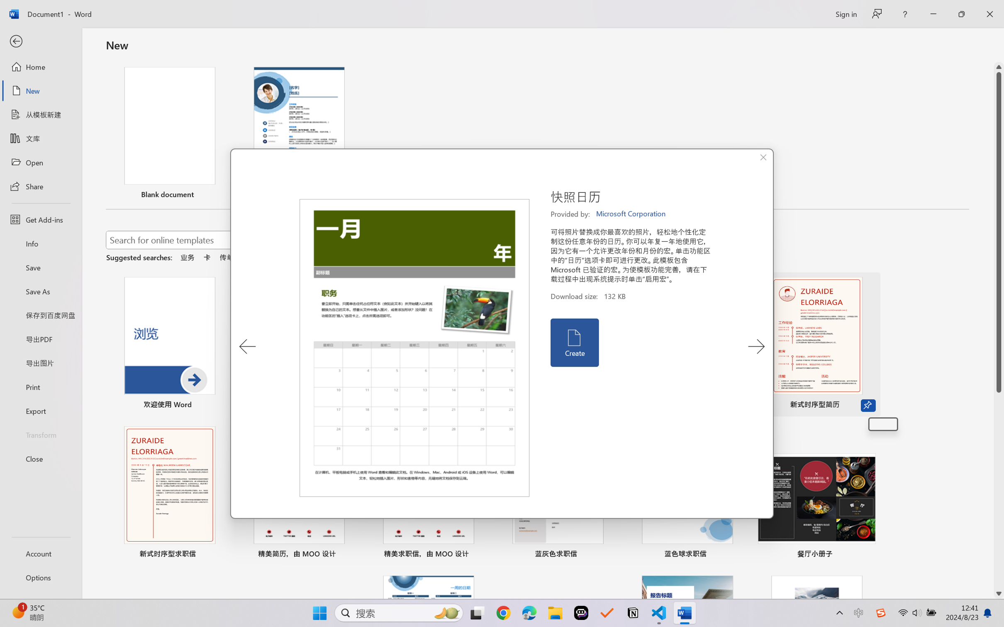 This screenshot has width=1004, height=627. Describe the element at coordinates (631, 214) in the screenshot. I see `'Microsoft Corporation'` at that location.